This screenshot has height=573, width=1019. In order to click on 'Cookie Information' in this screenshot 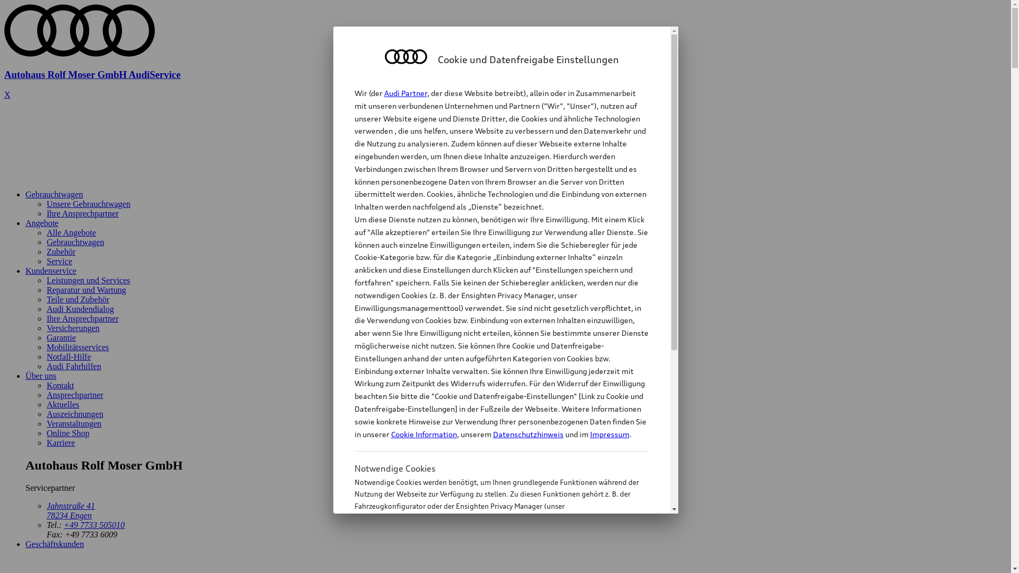, I will do `click(489, 558)`.